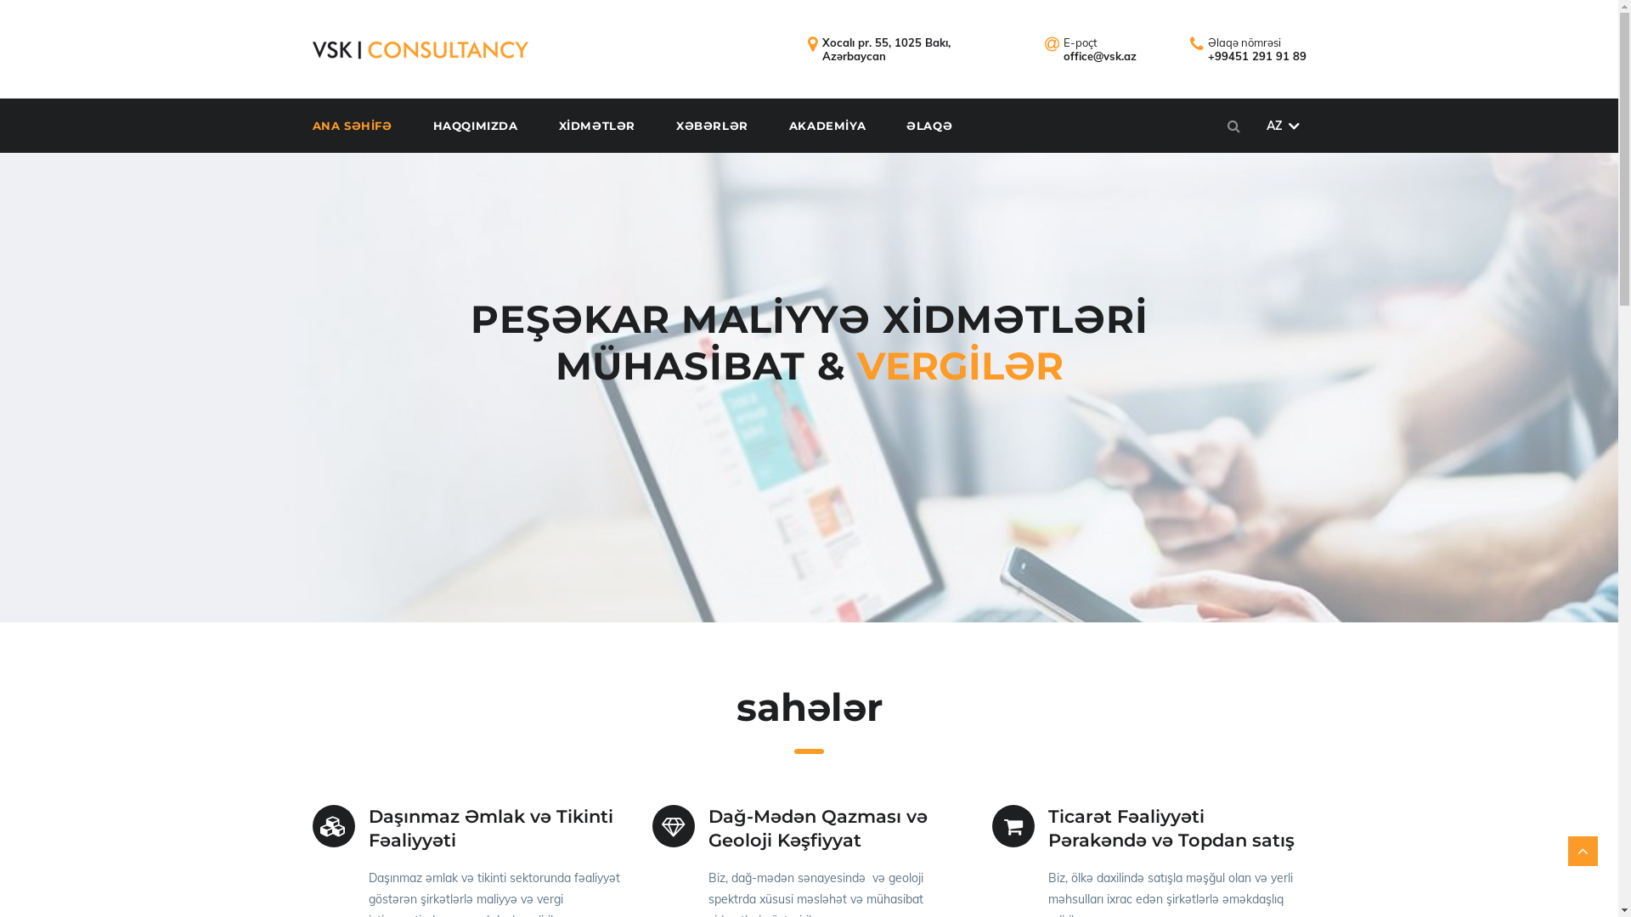 The height and width of the screenshot is (917, 1631). I want to click on '+99451 291 91 89', so click(1256, 54).